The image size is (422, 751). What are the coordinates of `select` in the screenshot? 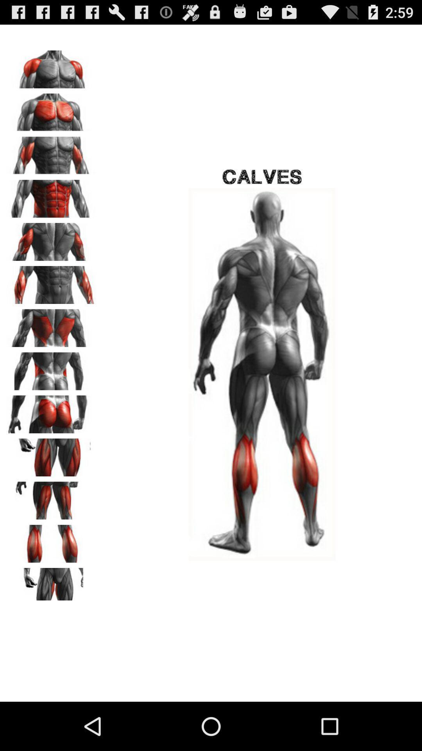 It's located at (51, 584).